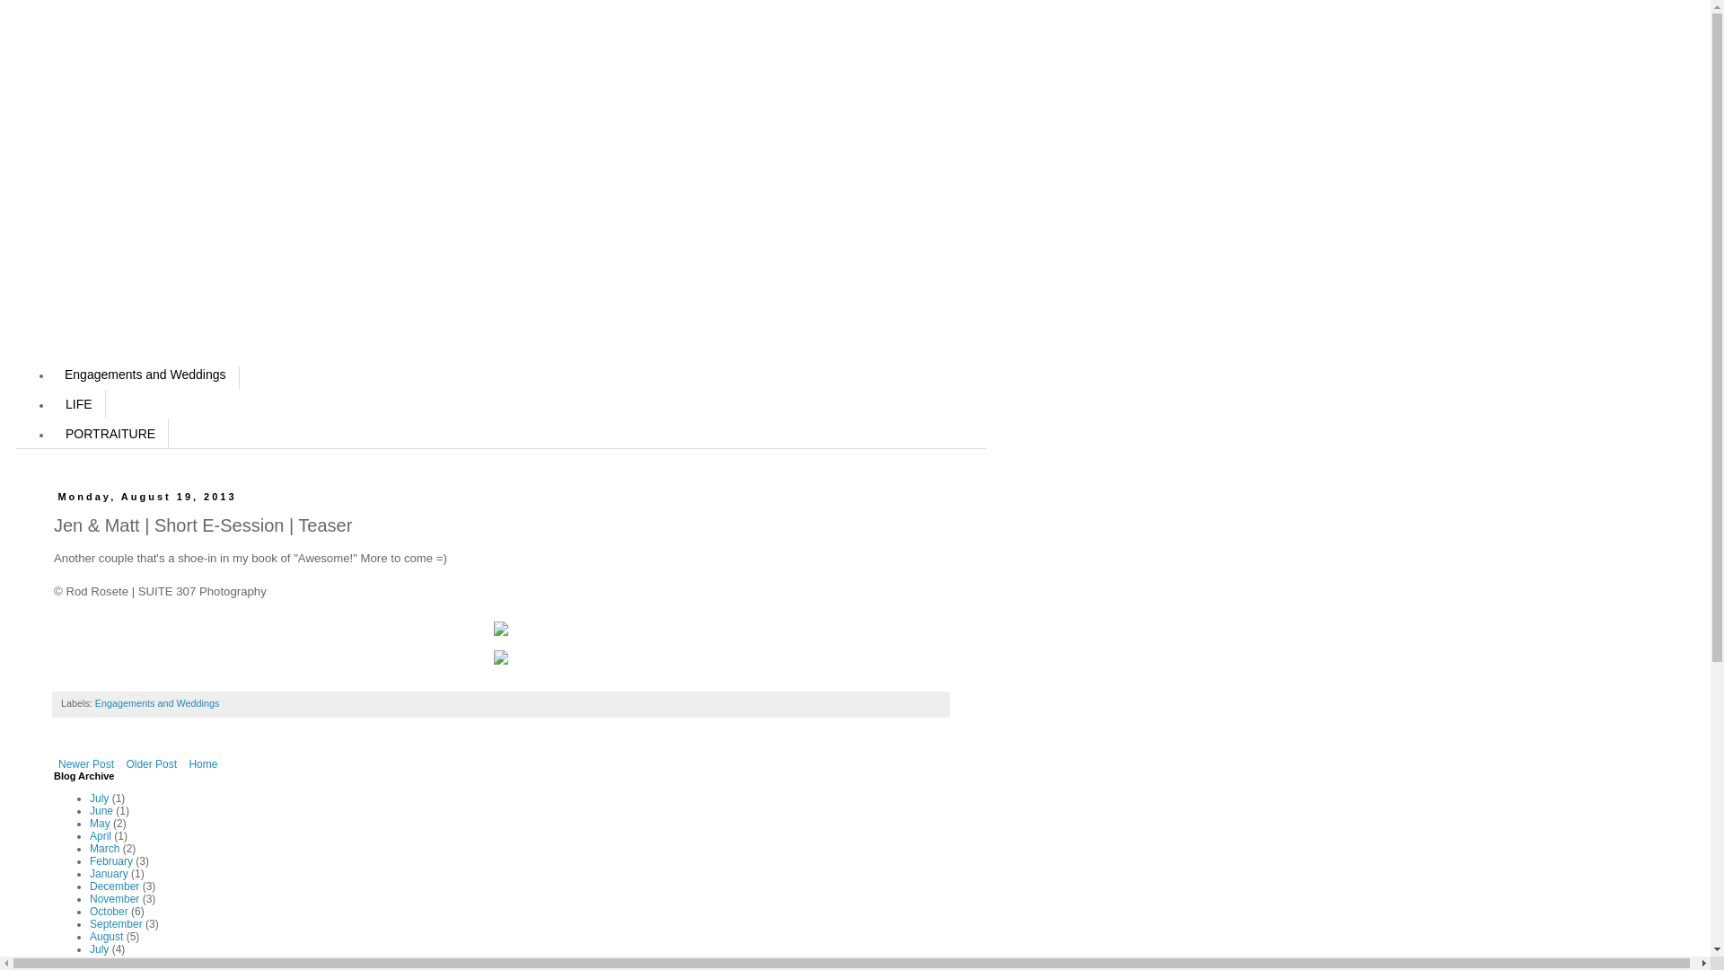 The width and height of the screenshot is (1724, 970). What do you see at coordinates (88, 312) in the screenshot?
I see `'Portfolio'` at bounding box center [88, 312].